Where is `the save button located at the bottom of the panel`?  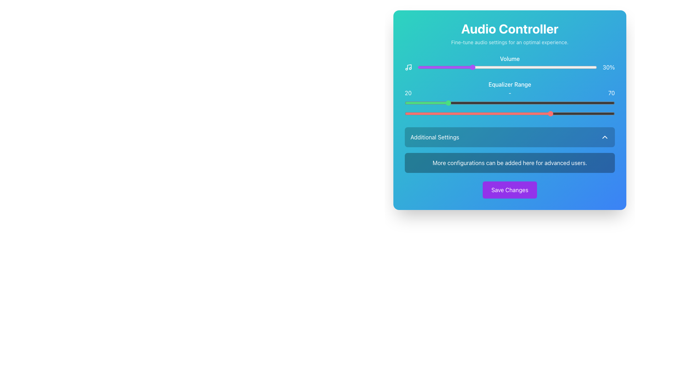
the save button located at the bottom of the panel is located at coordinates (509, 189).